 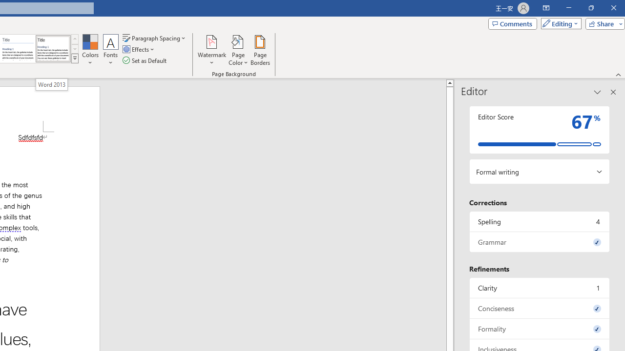 I want to click on 'Word 2010', so click(x=18, y=49).